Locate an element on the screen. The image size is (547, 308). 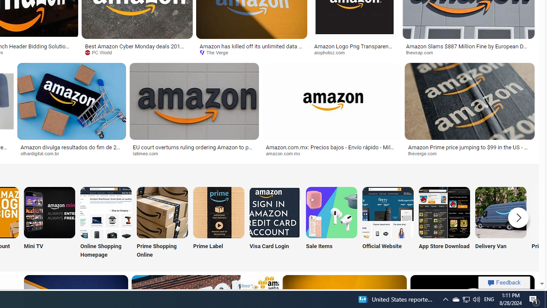
'Visa Card Login' is located at coordinates (275, 223).